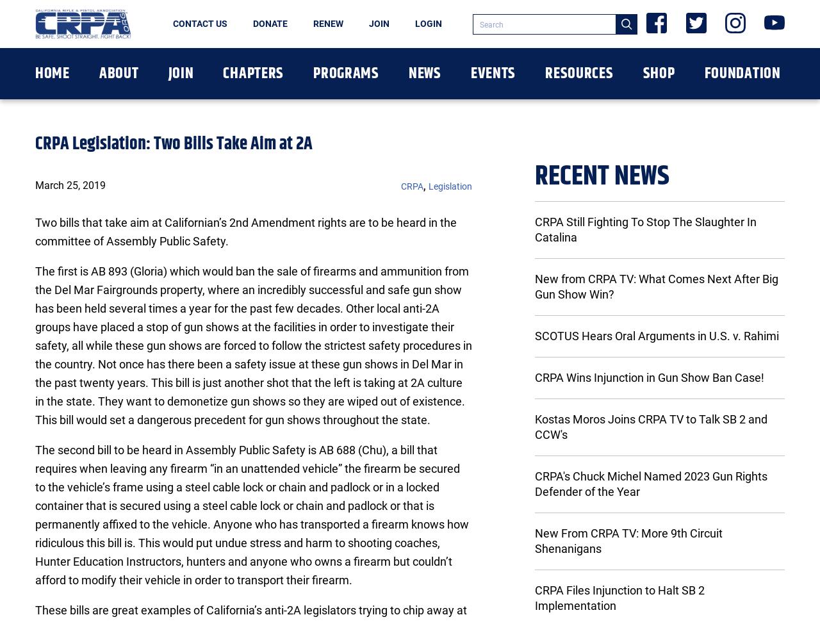 The width and height of the screenshot is (820, 624). I want to click on 'CRPA', so click(412, 185).